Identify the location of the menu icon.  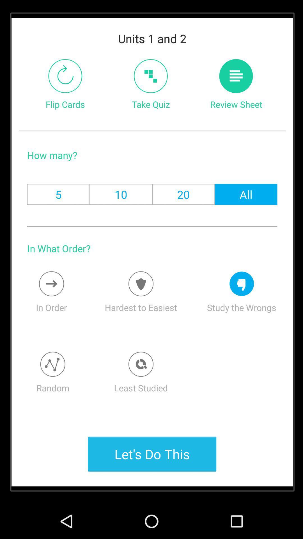
(236, 81).